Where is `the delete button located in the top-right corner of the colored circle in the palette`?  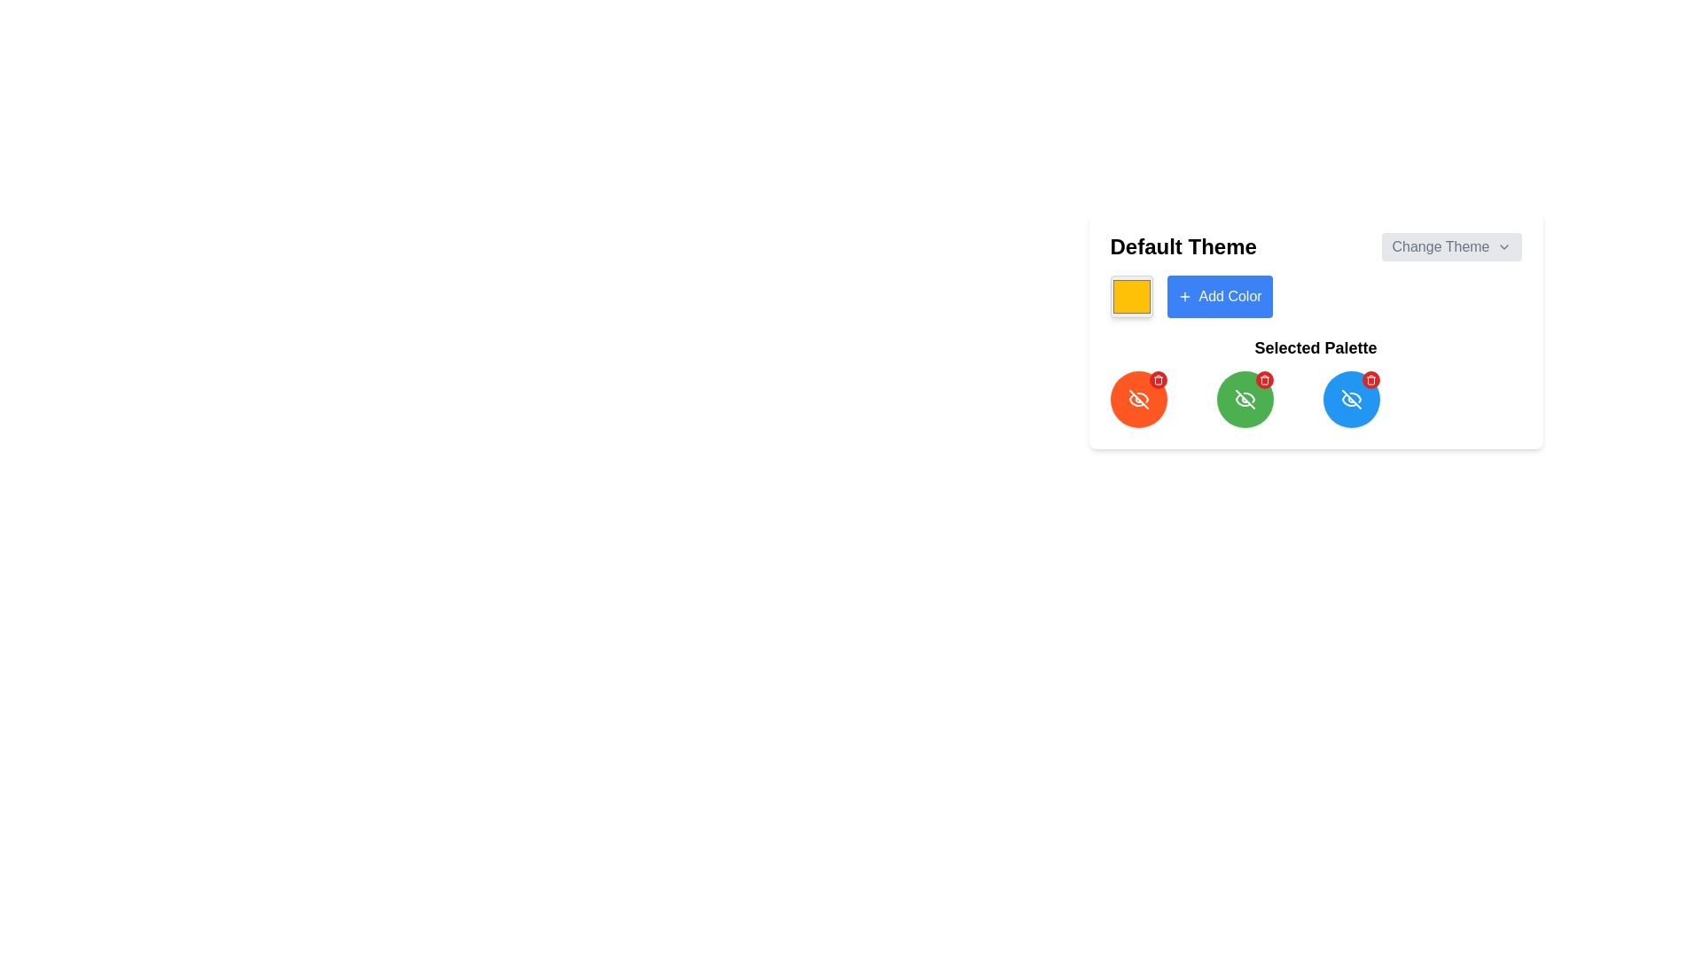
the delete button located in the top-right corner of the colored circle in the palette is located at coordinates (1370, 378).